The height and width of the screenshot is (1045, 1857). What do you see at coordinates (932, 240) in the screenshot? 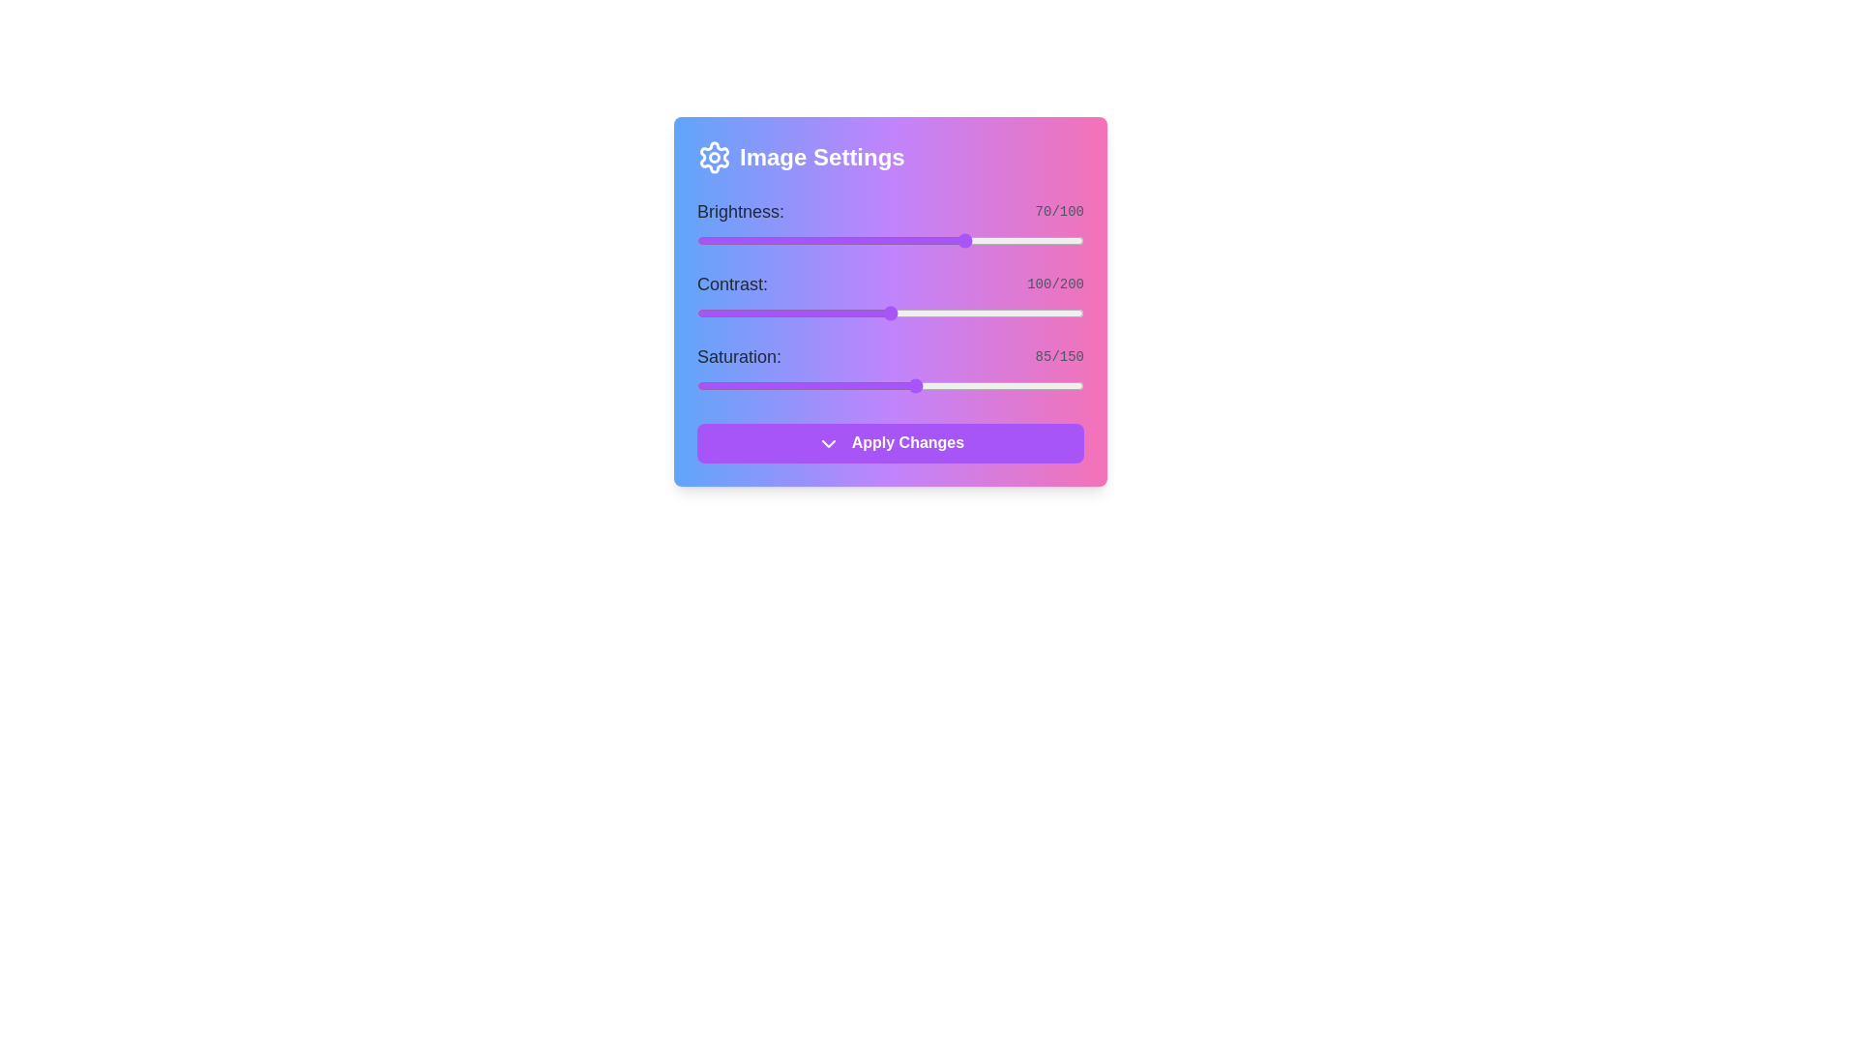
I see `the brightness slider to set brightness to 61` at bounding box center [932, 240].